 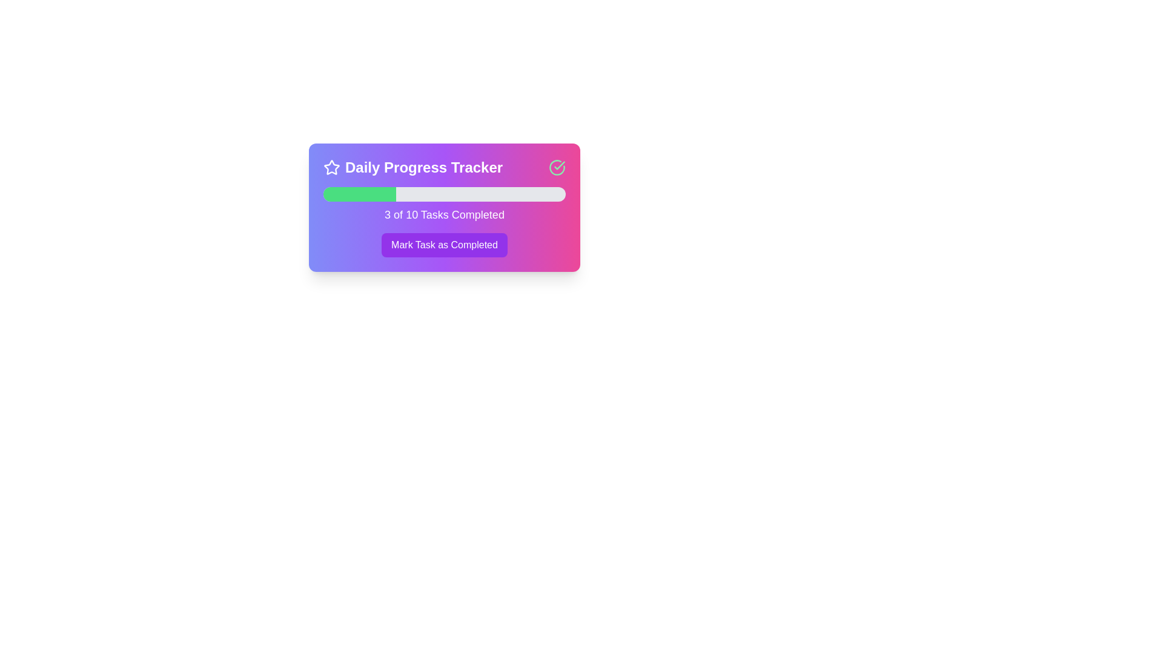 I want to click on the rectangular button with rounded corners and a purple background labeled 'Mark Task as Completed' to mark a task as completed, so click(x=444, y=245).